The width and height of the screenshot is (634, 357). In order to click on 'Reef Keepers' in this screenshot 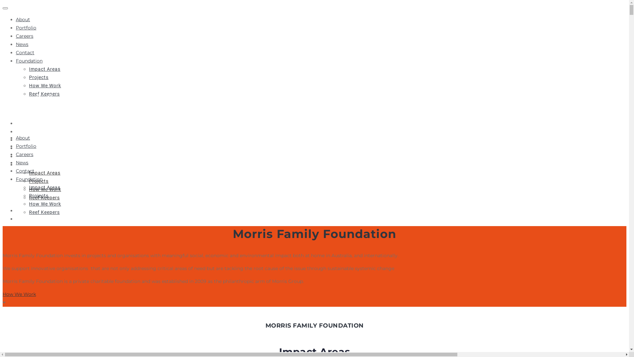, I will do `click(44, 197)`.